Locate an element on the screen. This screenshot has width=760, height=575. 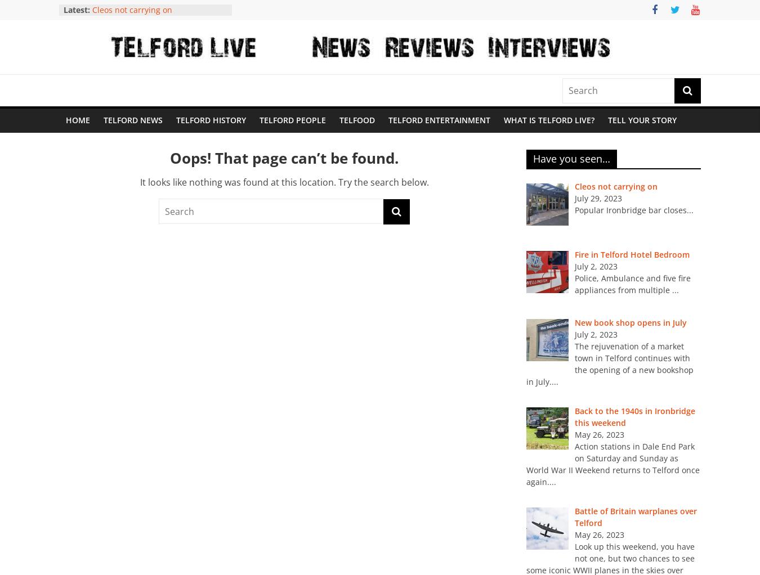
'Popular Ironbridge bar closes' is located at coordinates (630, 209).